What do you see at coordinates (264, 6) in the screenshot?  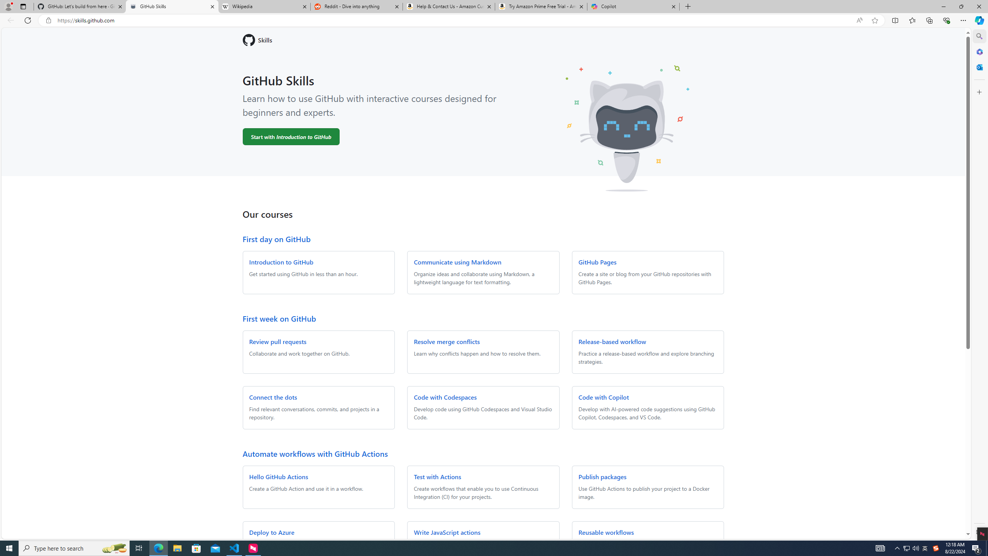 I see `'Wikipedia'` at bounding box center [264, 6].